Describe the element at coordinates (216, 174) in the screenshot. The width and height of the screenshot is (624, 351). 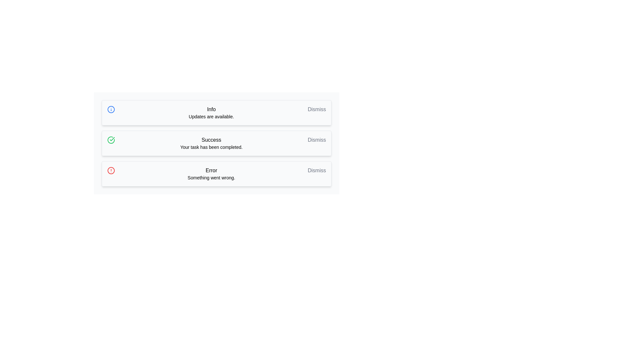
I see `error message displayed in the notification card with a light red background and a bold title 'Error' stating 'Something went wrong.'` at that location.